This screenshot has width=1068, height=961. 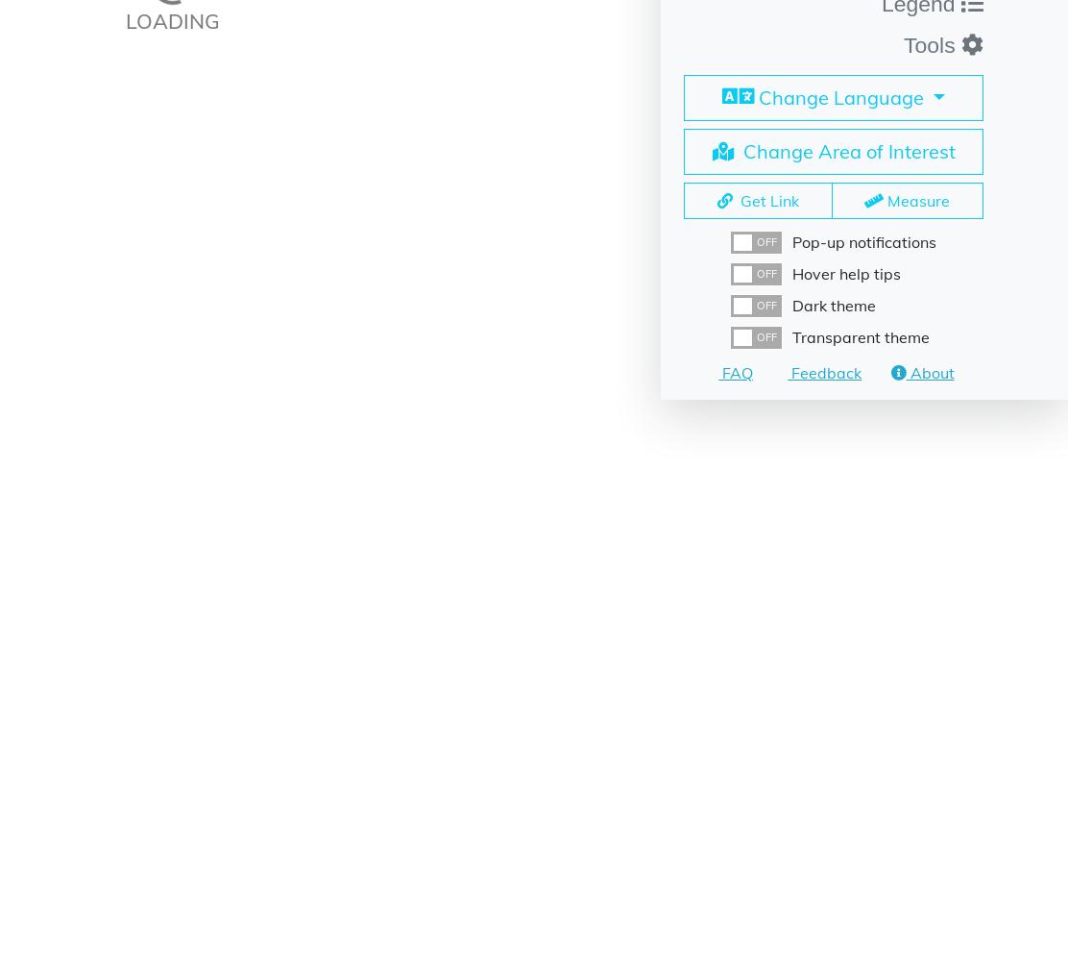 I want to click on 'Pop-up notifications', so click(x=864, y=242).